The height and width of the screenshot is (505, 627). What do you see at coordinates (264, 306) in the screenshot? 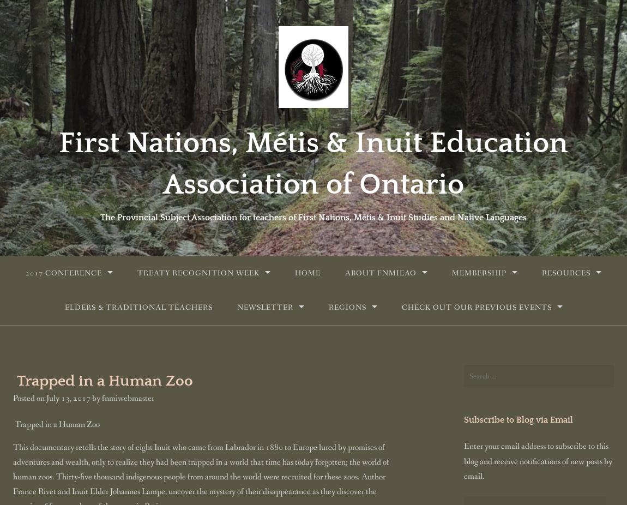
I see `'Newsletter'` at bounding box center [264, 306].